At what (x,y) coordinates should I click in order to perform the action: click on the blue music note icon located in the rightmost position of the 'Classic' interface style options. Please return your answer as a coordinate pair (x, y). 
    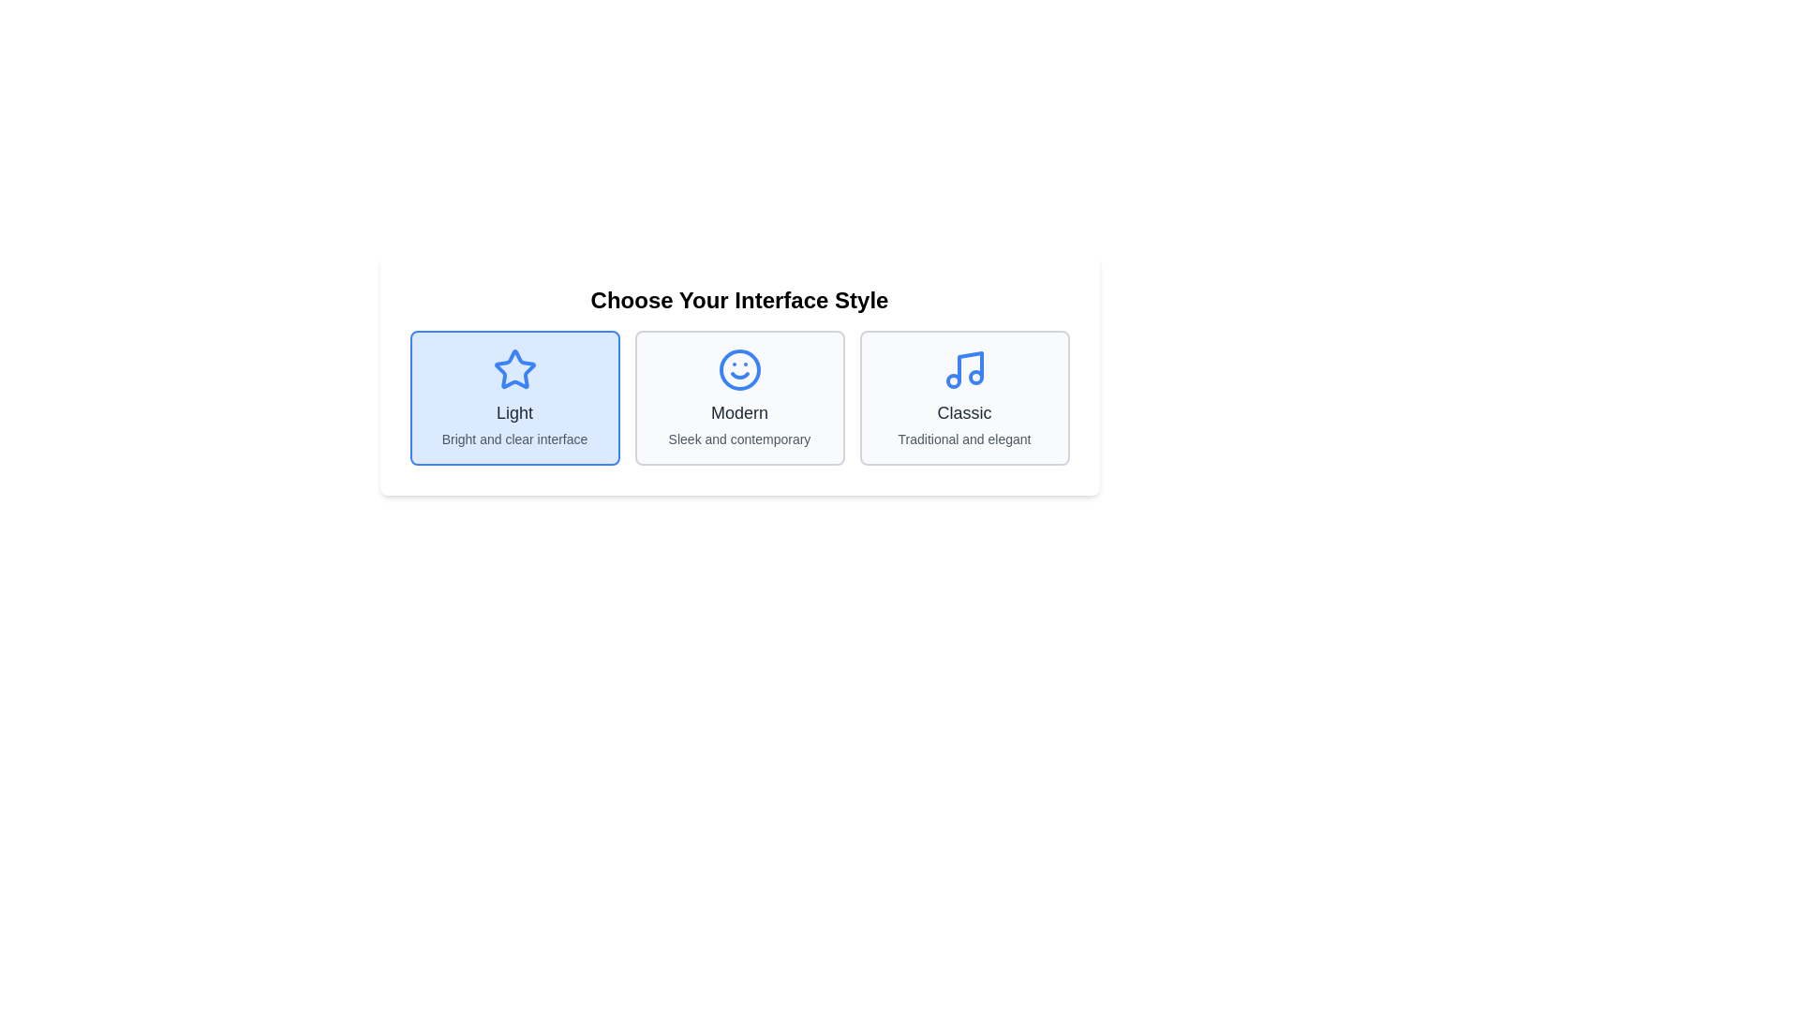
    Looking at the image, I should click on (964, 369).